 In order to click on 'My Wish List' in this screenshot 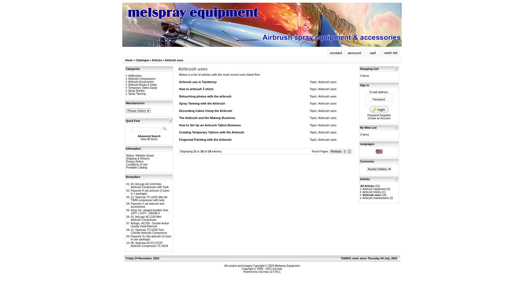, I will do `click(368, 128)`.